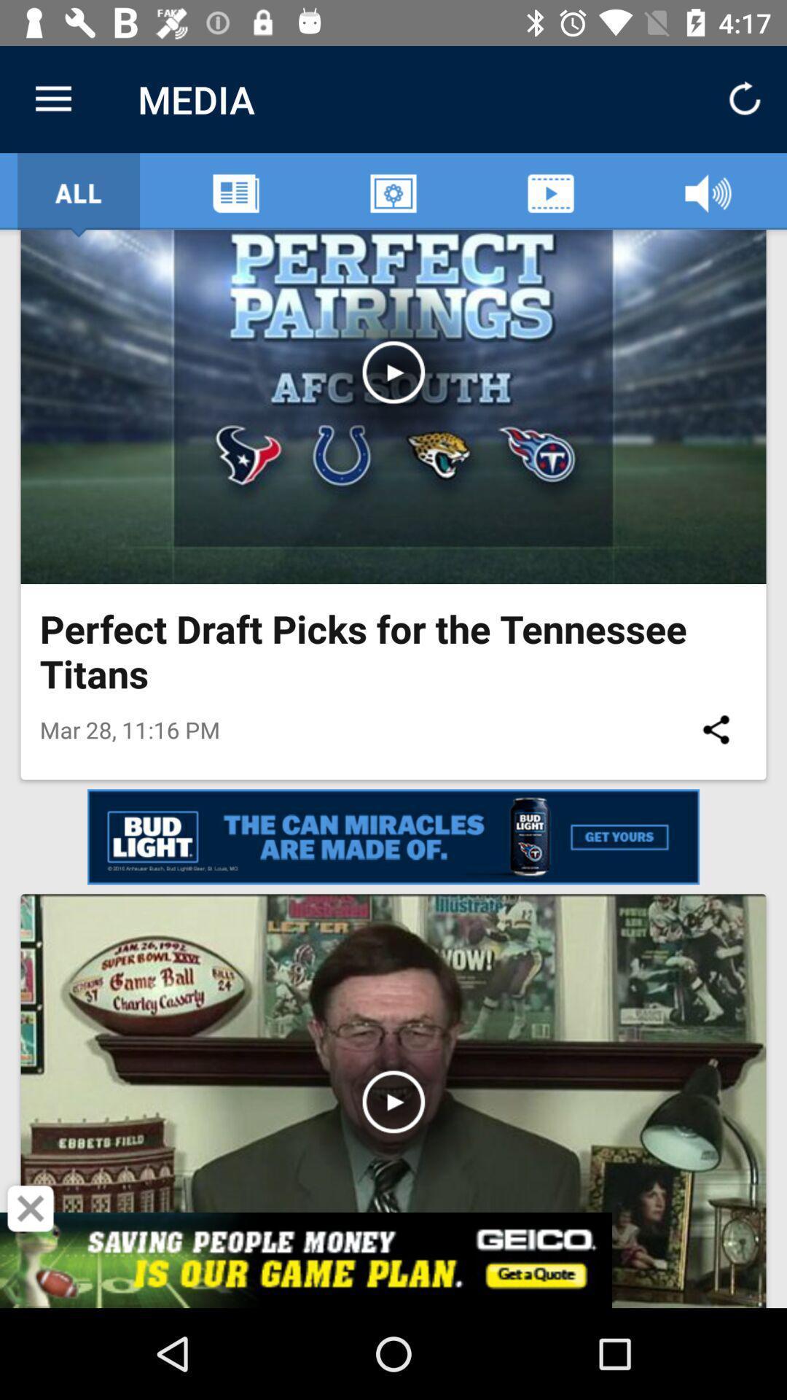 This screenshot has width=787, height=1400. I want to click on the icon next to mar 28 11 item, so click(715, 729).